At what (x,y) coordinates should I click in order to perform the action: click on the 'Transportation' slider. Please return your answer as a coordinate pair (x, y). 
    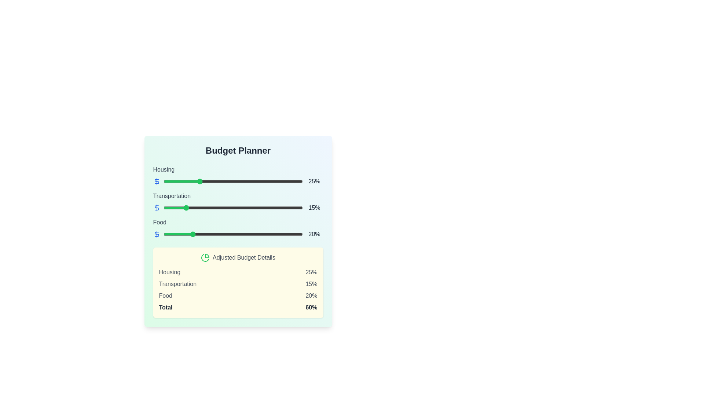
    Looking at the image, I should click on (179, 208).